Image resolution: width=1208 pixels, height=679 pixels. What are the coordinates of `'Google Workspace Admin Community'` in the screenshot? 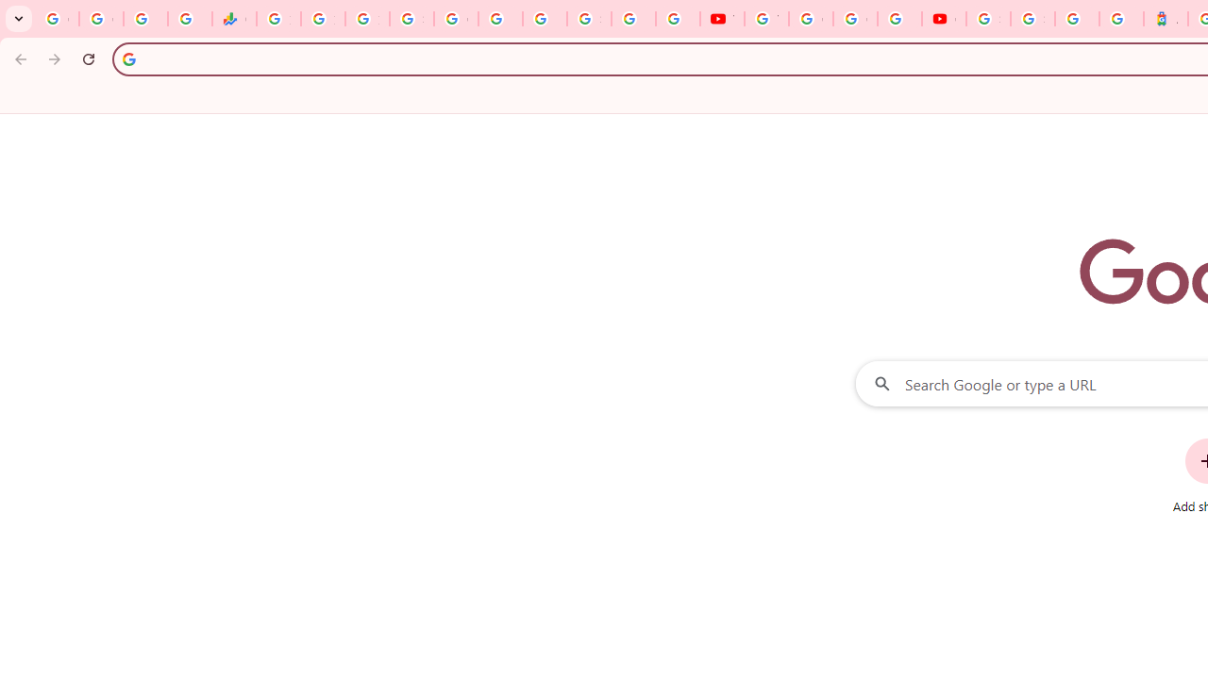 It's located at (57, 19).